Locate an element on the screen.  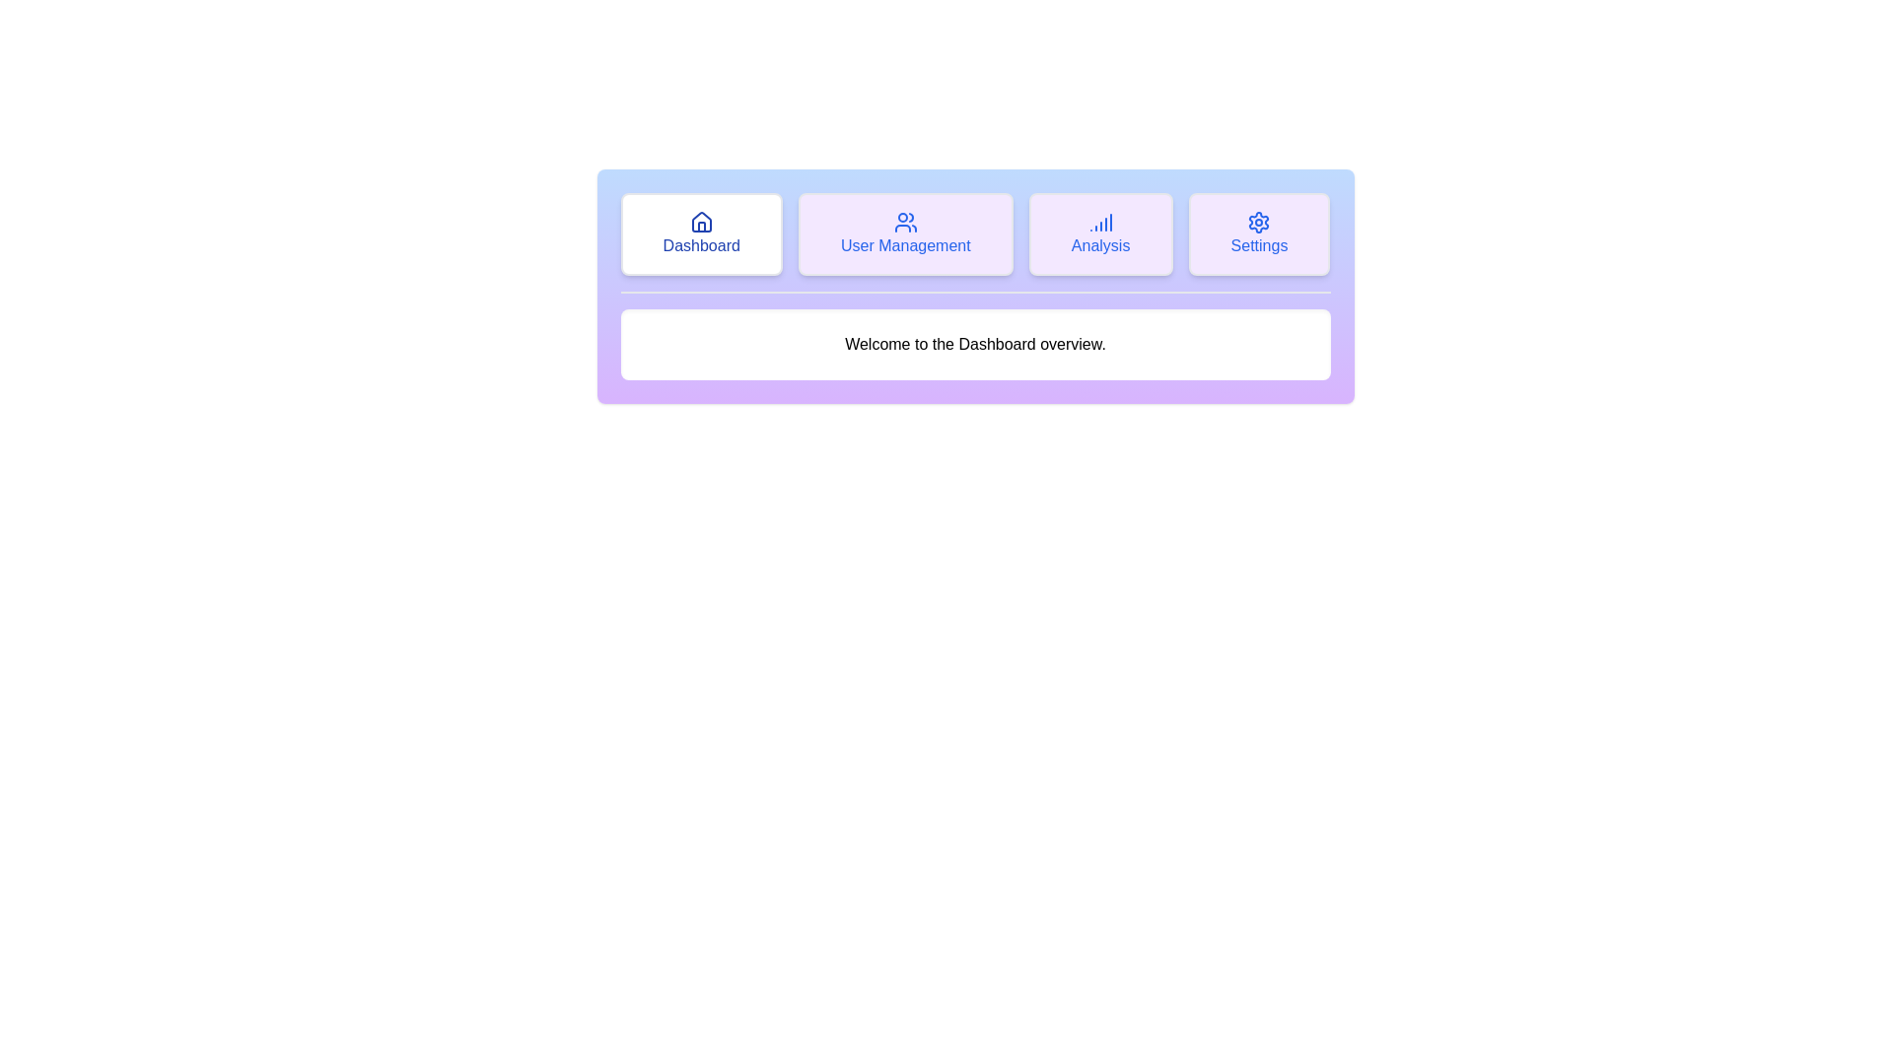
the instructional text block located below the navigation strip, which provides a brief description of the dashboard's purpose and layout is located at coordinates (975, 344).